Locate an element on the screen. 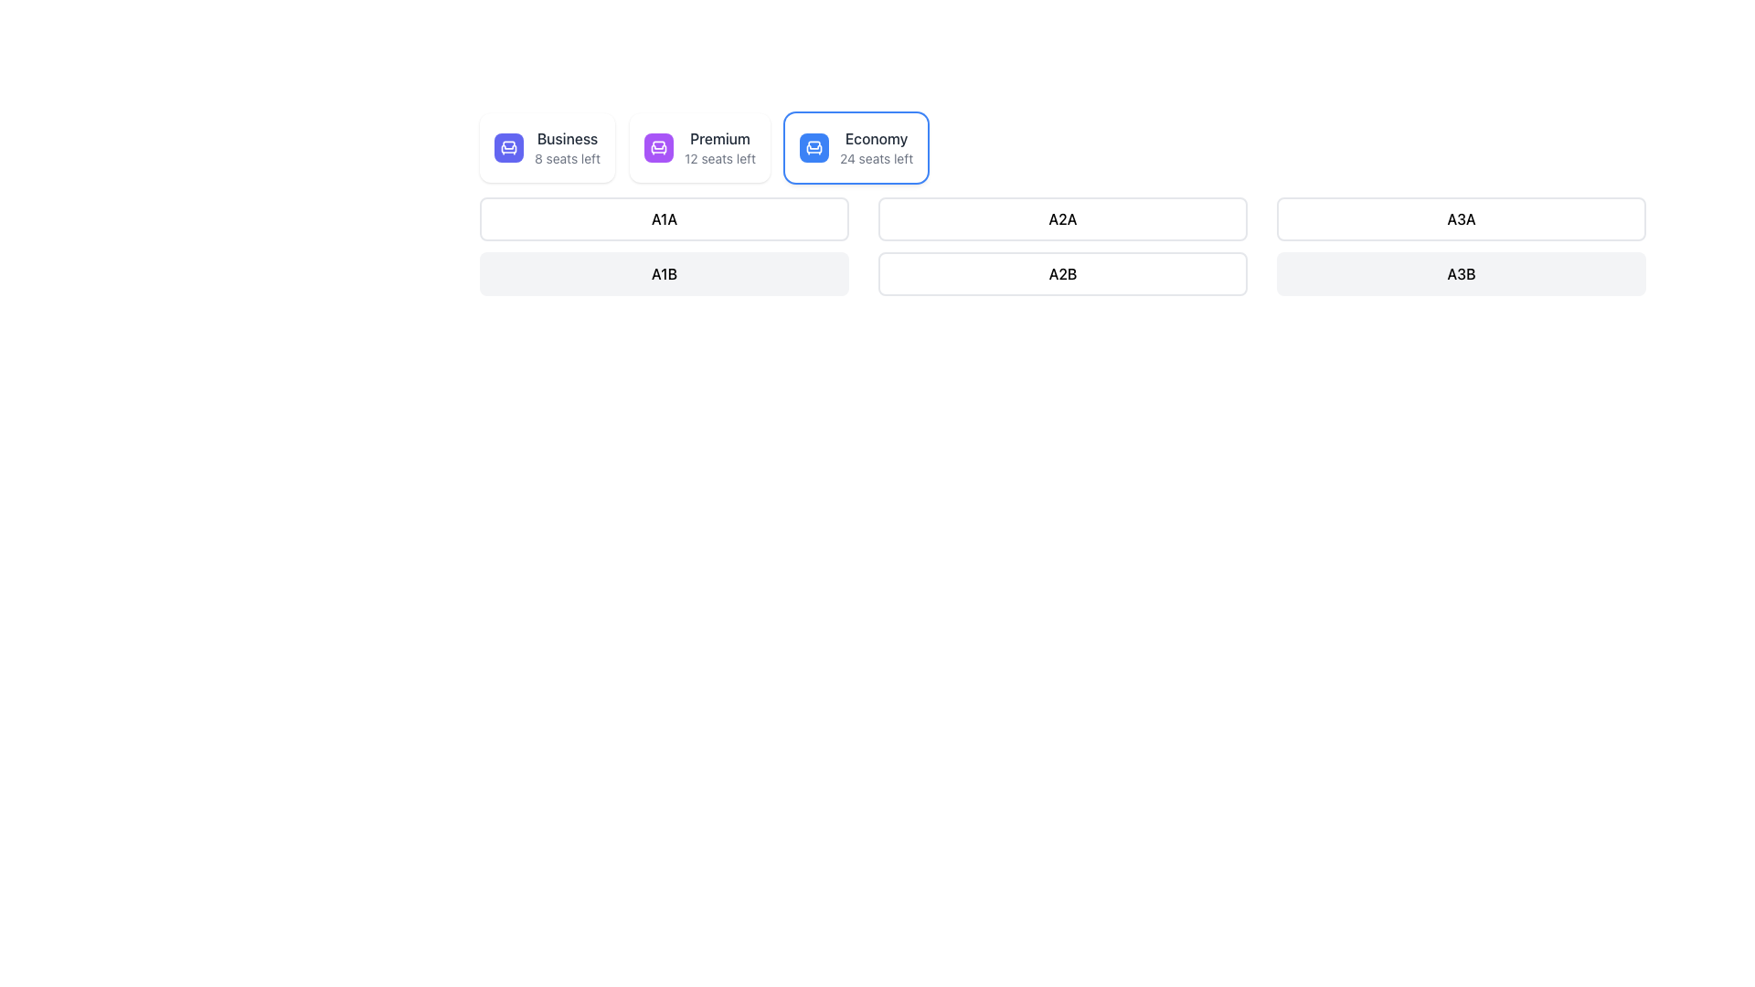  information from the informational text group about the availability of premium seats, which is positioned between the 'Business' and 'Economy' modules is located at coordinates (718, 147).